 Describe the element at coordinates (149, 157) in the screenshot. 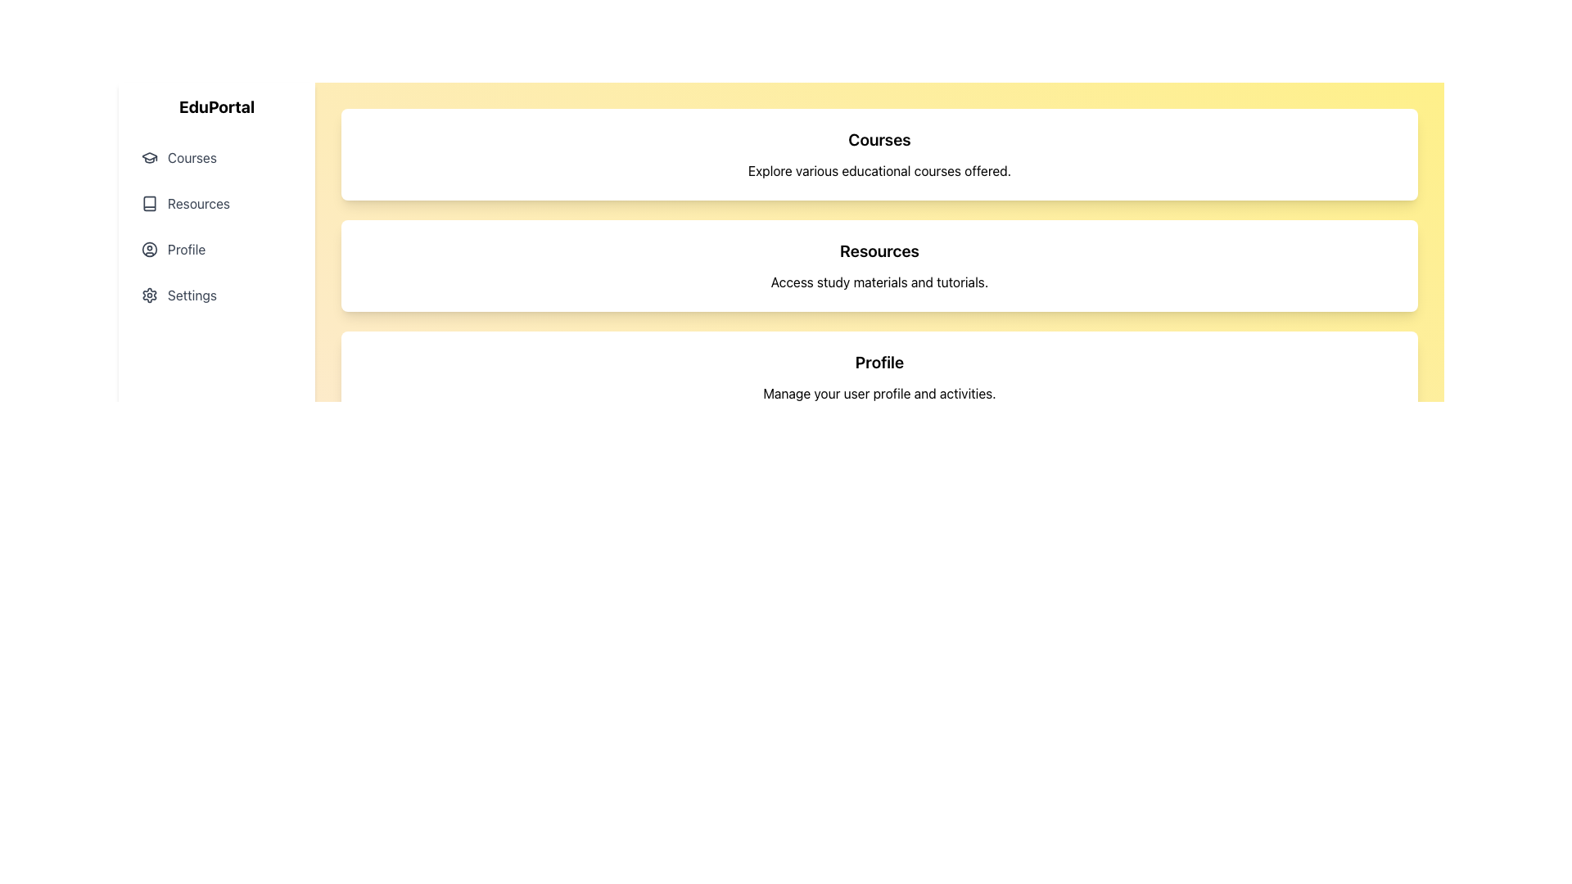

I see `the 'Courses' icon located on the left sidebar of the application` at that location.